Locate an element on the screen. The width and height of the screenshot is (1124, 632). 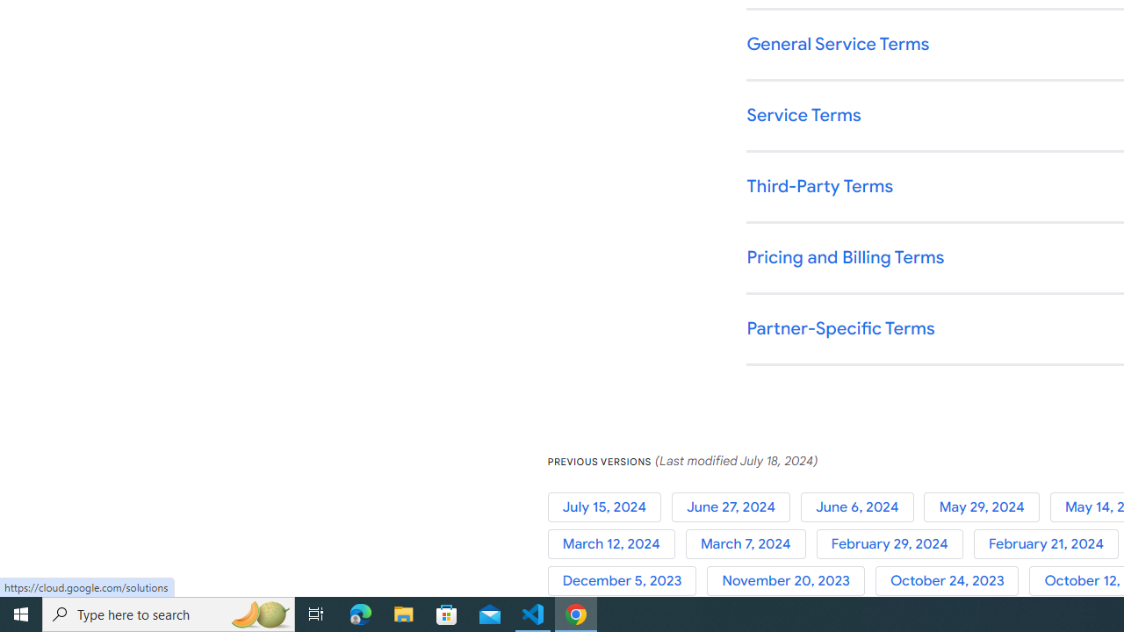
'March 12, 2024' is located at coordinates (616, 543).